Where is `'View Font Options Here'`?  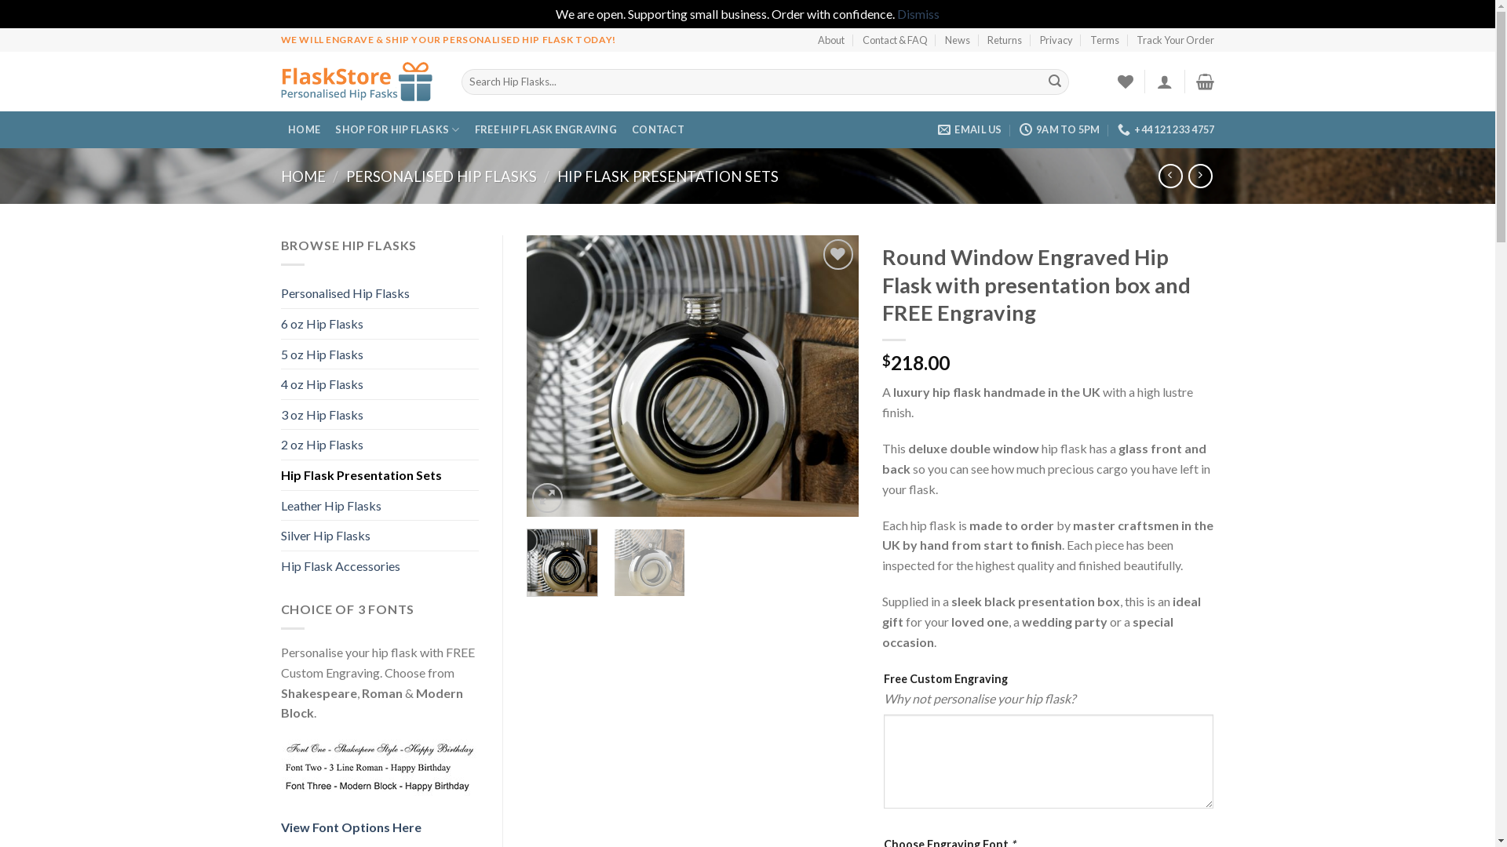 'View Font Options Here' is located at coordinates (350, 826).